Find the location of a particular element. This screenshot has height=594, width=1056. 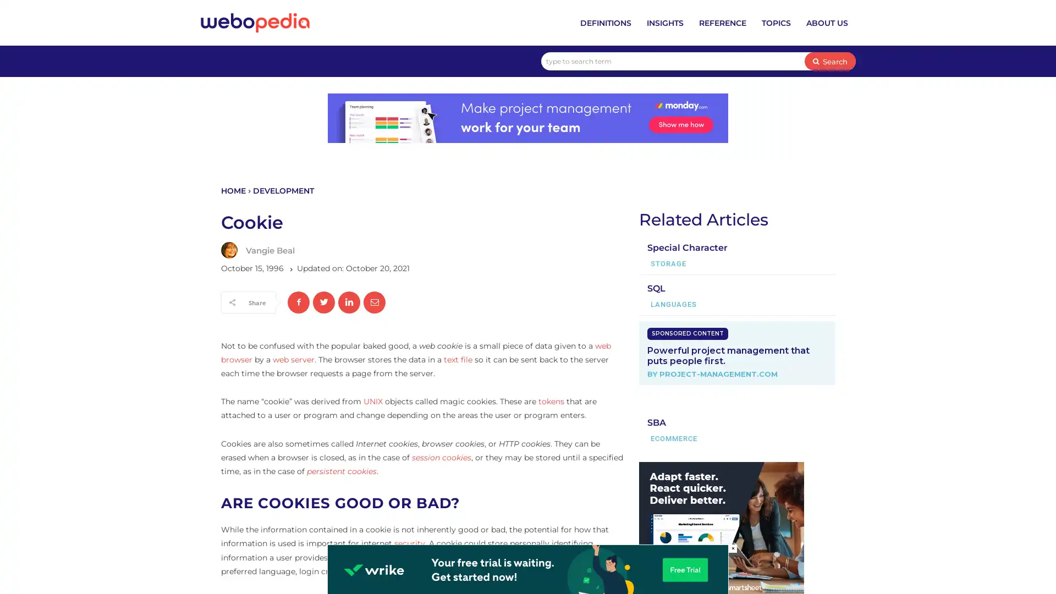

Search is located at coordinates (830, 61).